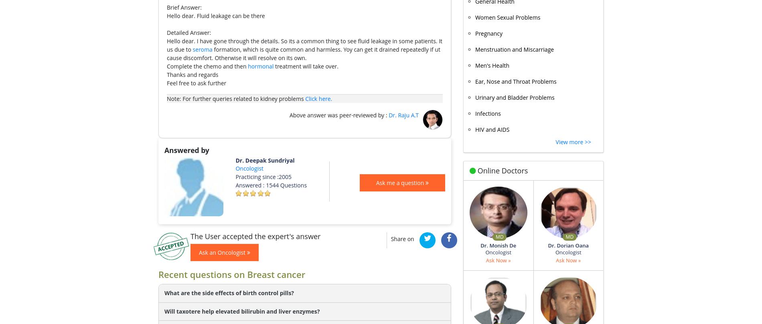 The image size is (762, 324). Describe the element at coordinates (216, 16) in the screenshot. I see `'Hello dear. Fluid leakage can be there'` at that location.